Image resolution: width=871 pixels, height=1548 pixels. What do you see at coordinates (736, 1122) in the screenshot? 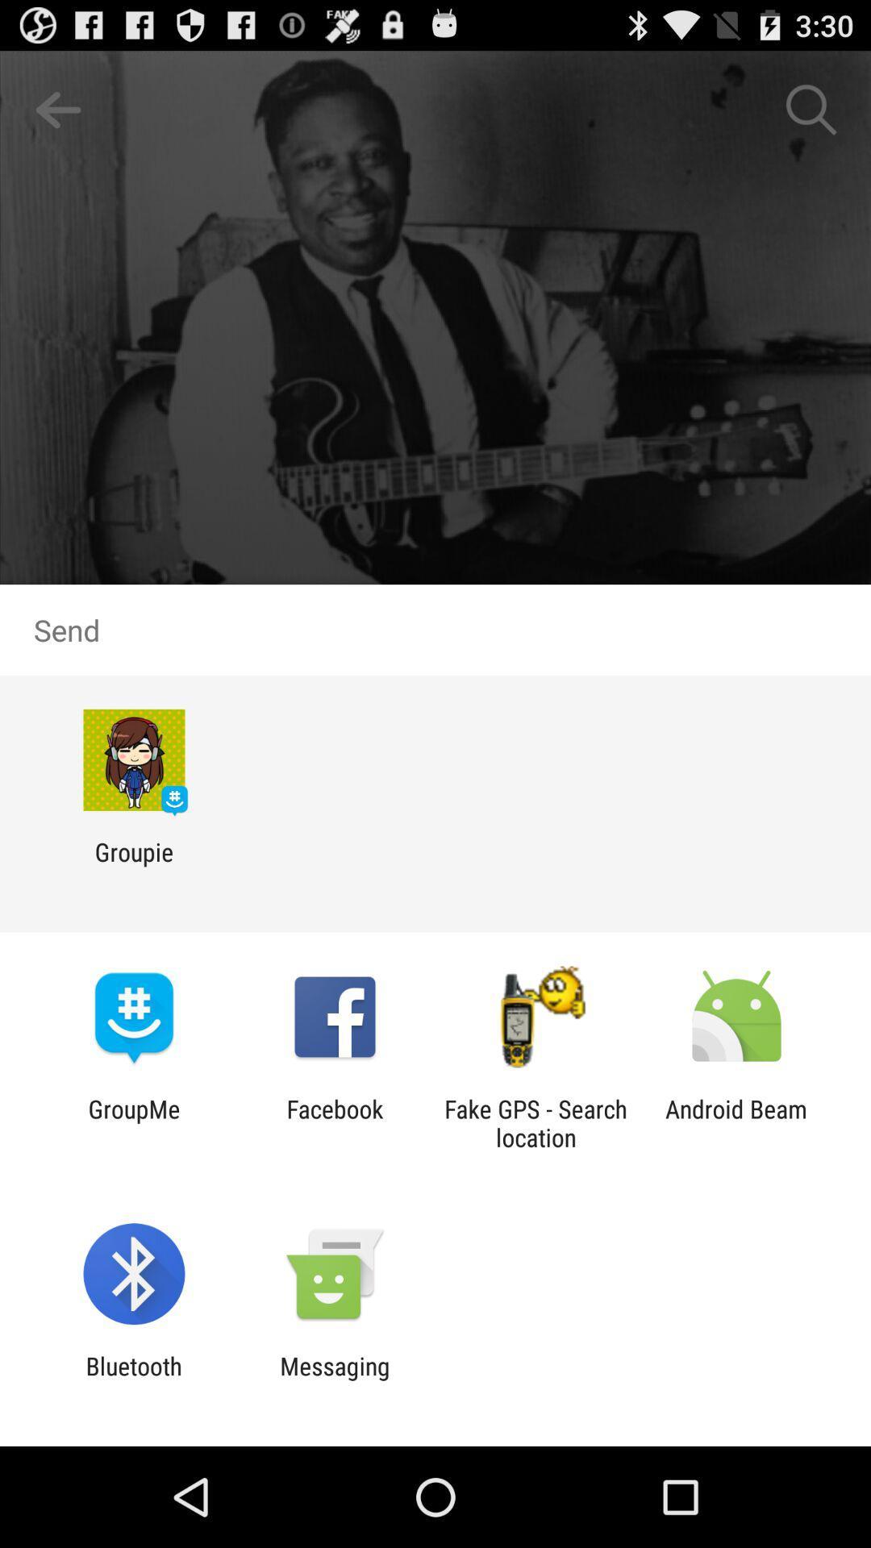
I see `the android beam app` at bounding box center [736, 1122].